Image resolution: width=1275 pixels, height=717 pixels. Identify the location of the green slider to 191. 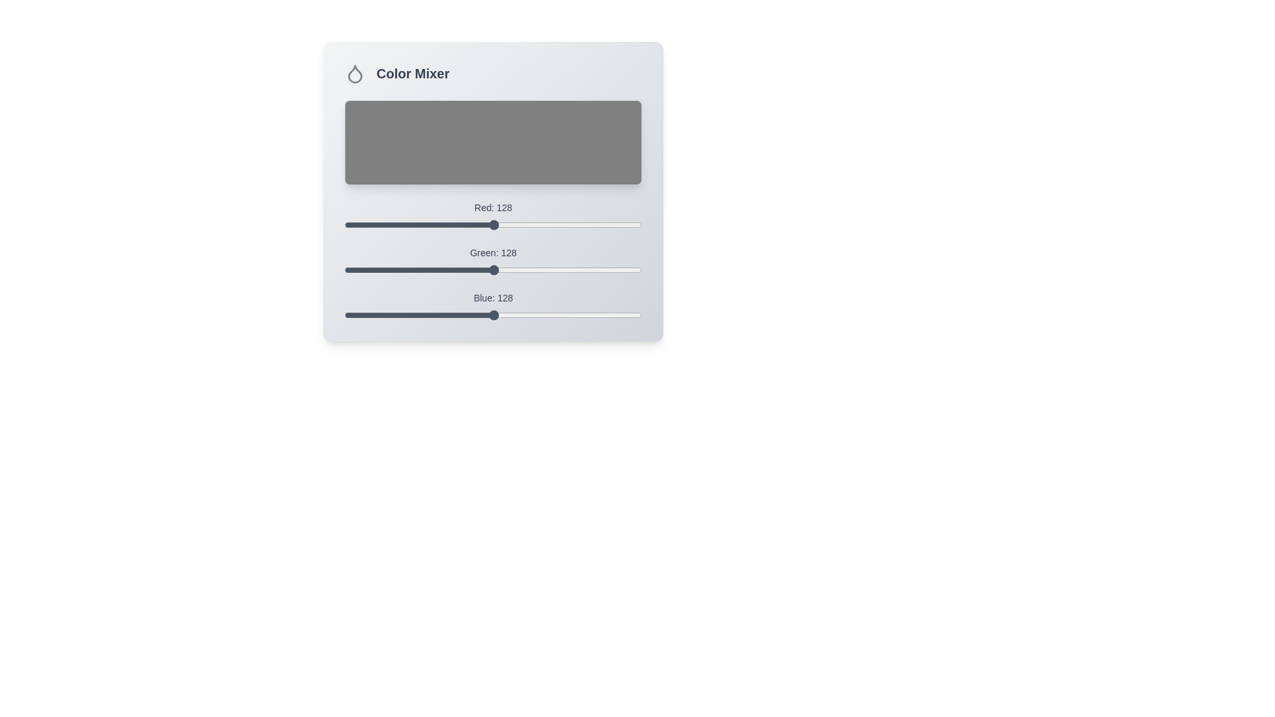
(567, 270).